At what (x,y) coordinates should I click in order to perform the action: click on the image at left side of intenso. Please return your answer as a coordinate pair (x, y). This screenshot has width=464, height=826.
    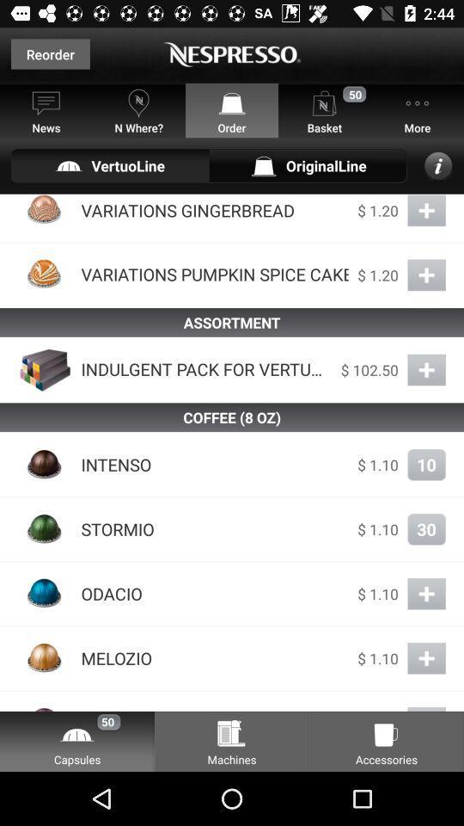
    Looking at the image, I should click on (45, 464).